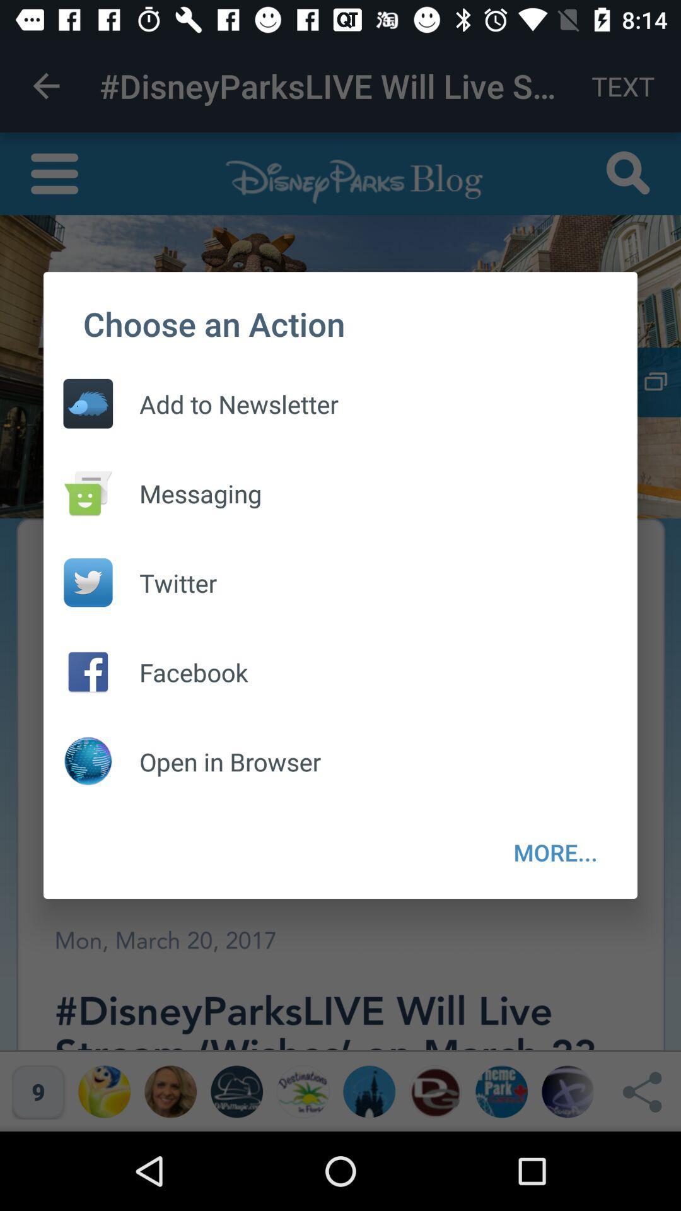 Image resolution: width=681 pixels, height=1211 pixels. Describe the element at coordinates (555, 852) in the screenshot. I see `the icon at the bottom right corner` at that location.